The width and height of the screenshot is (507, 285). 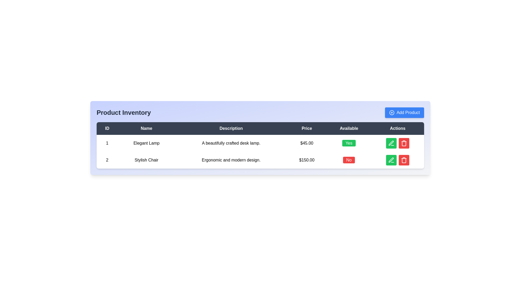 What do you see at coordinates (307, 160) in the screenshot?
I see `the price label for the 'Stylish Chair' item in the product inventory table` at bounding box center [307, 160].